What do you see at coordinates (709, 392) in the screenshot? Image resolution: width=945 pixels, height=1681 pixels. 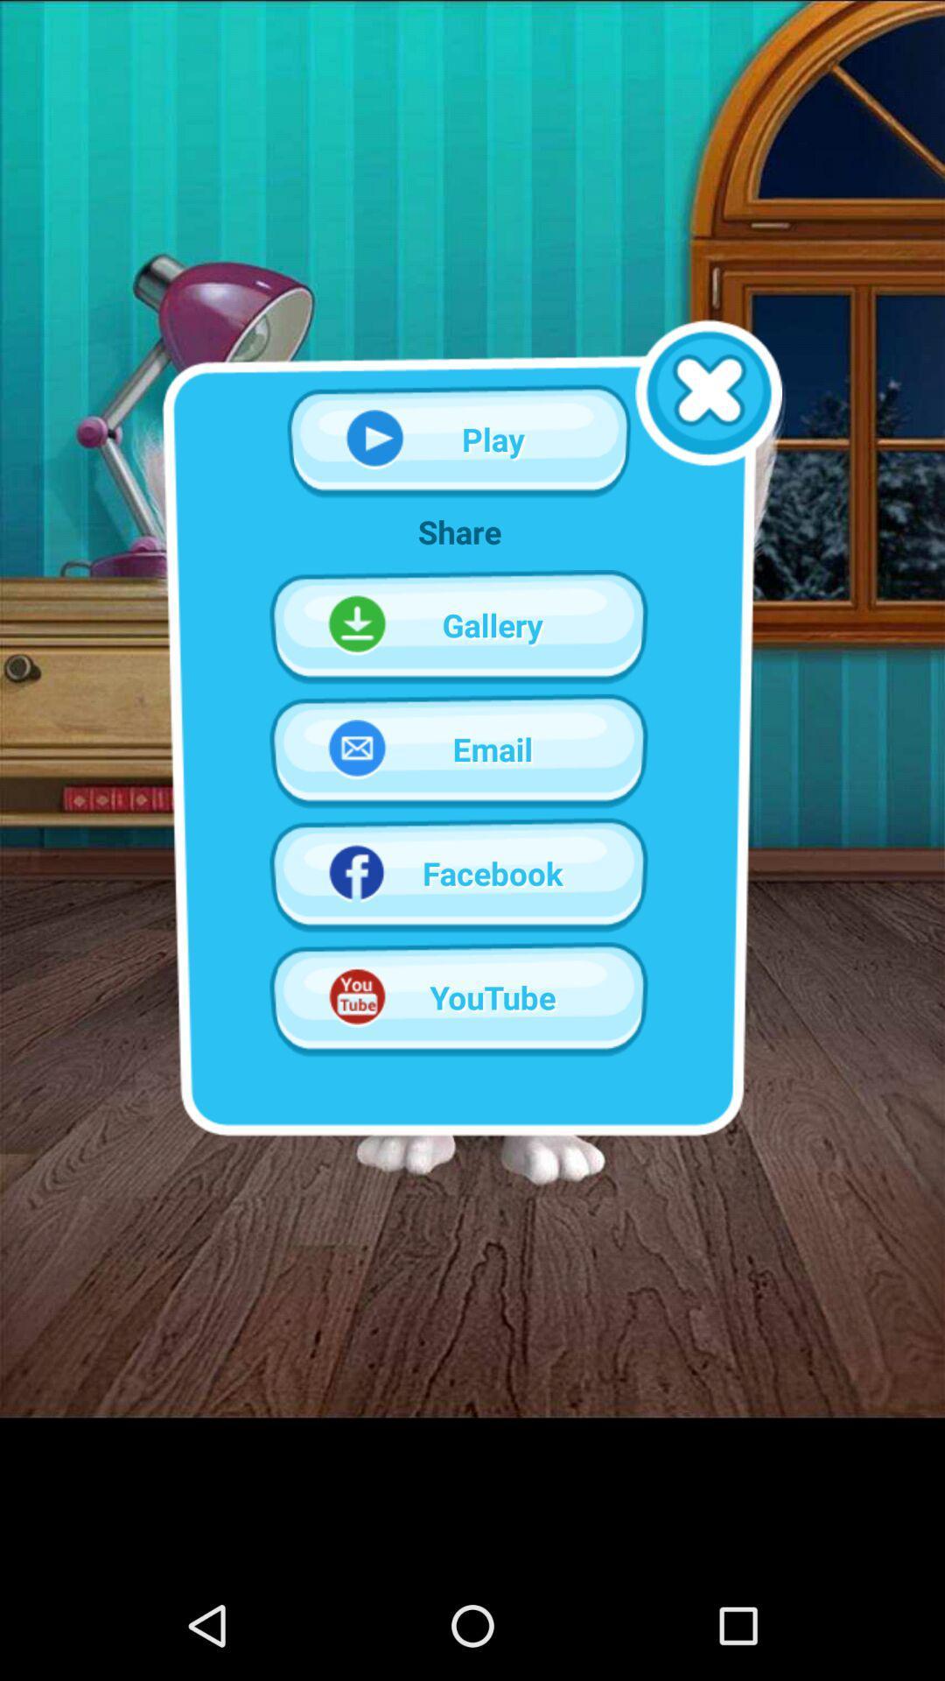 I see `menu` at bounding box center [709, 392].